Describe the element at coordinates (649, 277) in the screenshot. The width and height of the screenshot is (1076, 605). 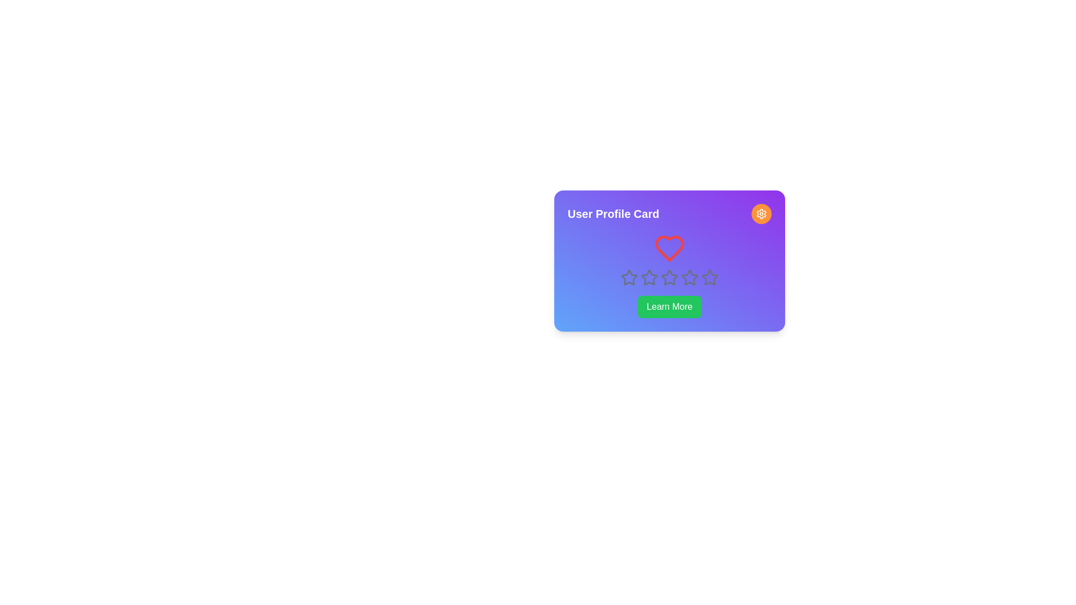
I see `the star icon in the third position of the group of five stars to rate it` at that location.